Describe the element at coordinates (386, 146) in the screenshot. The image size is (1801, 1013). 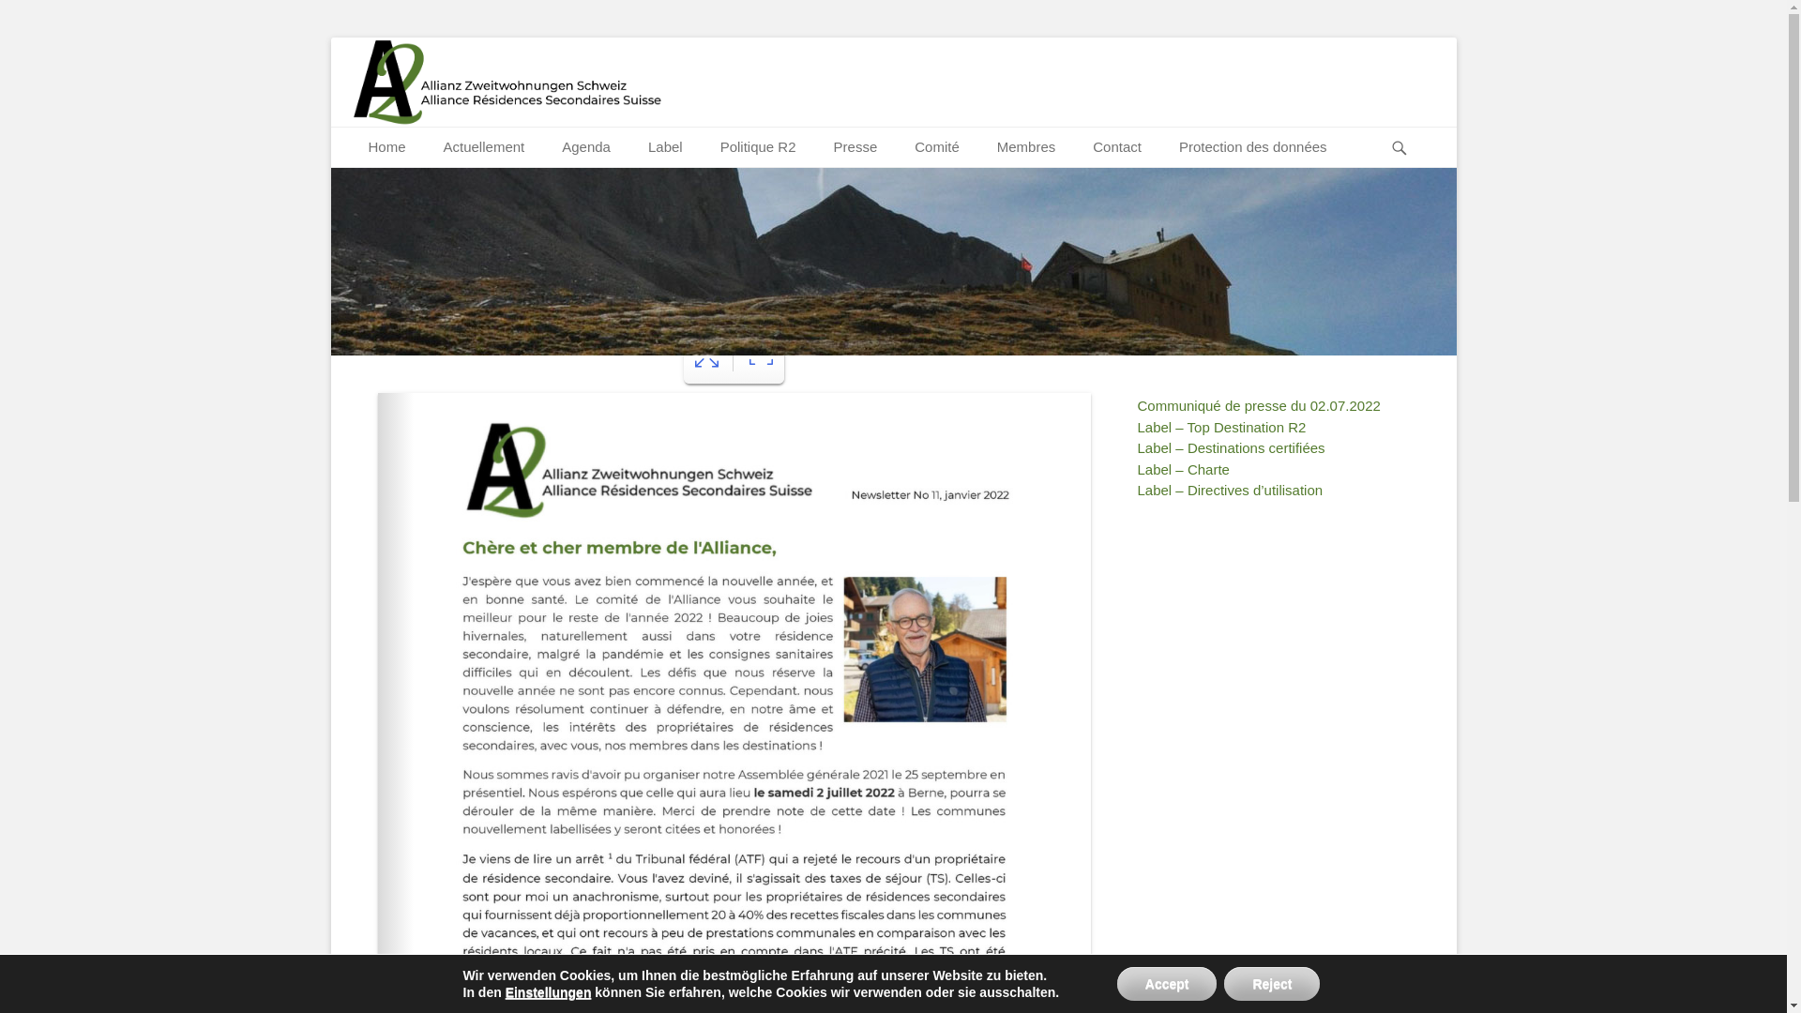
I see `'Home'` at that location.